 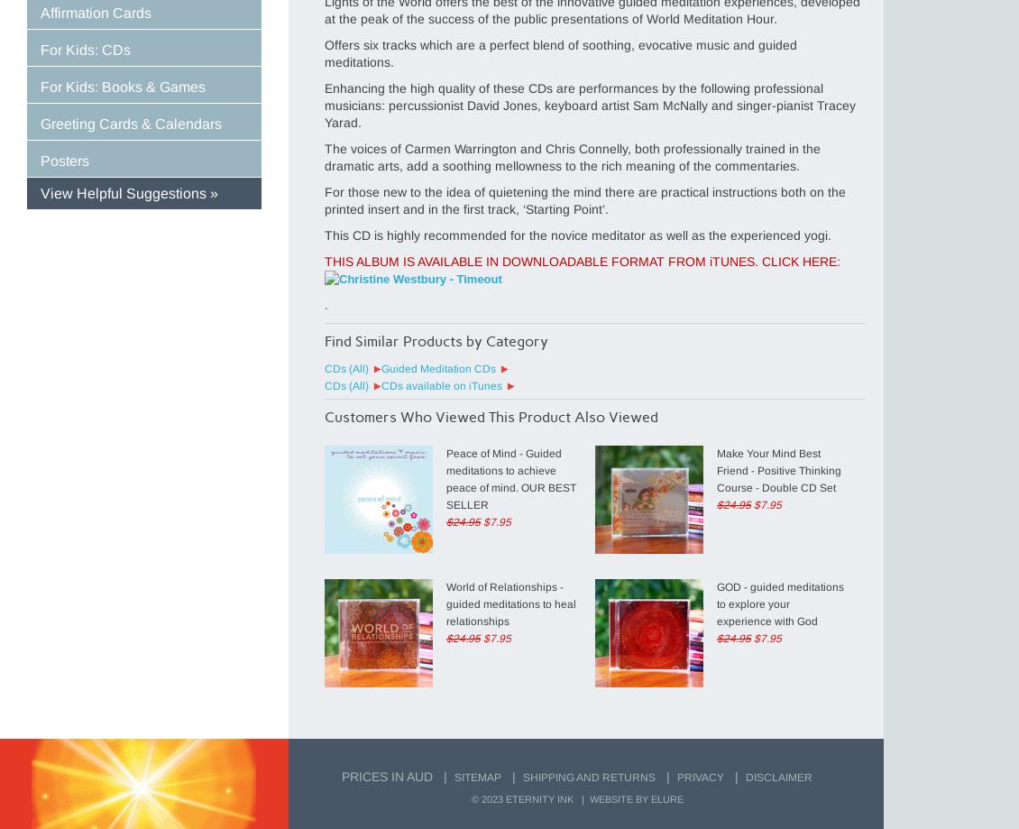 What do you see at coordinates (676, 777) in the screenshot?
I see `'Privacy'` at bounding box center [676, 777].